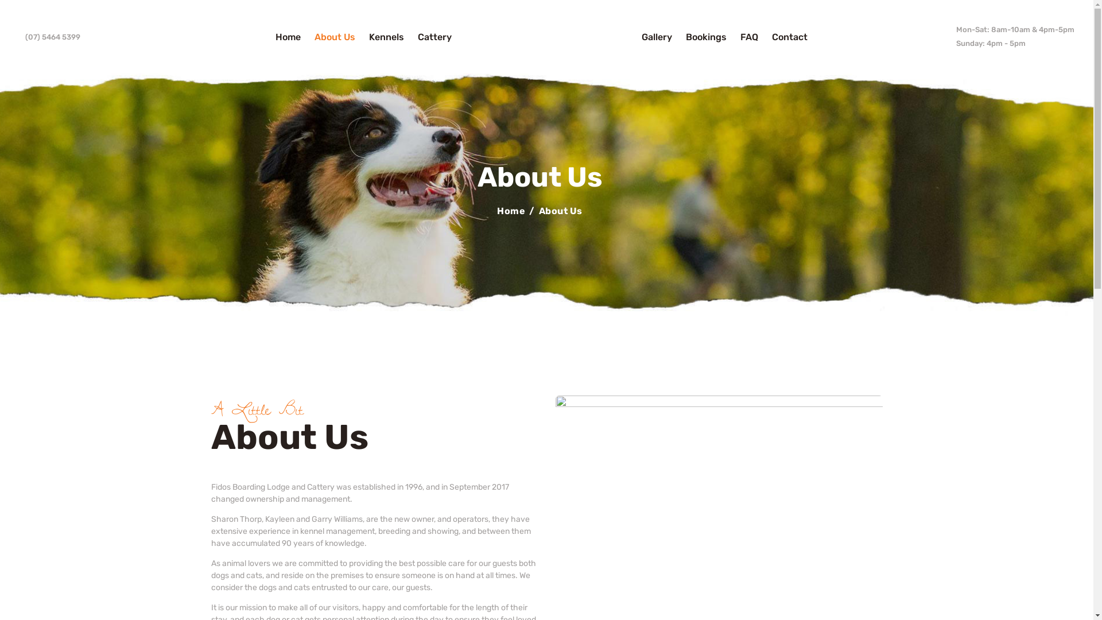  I want to click on 'FAQ', so click(749, 36).